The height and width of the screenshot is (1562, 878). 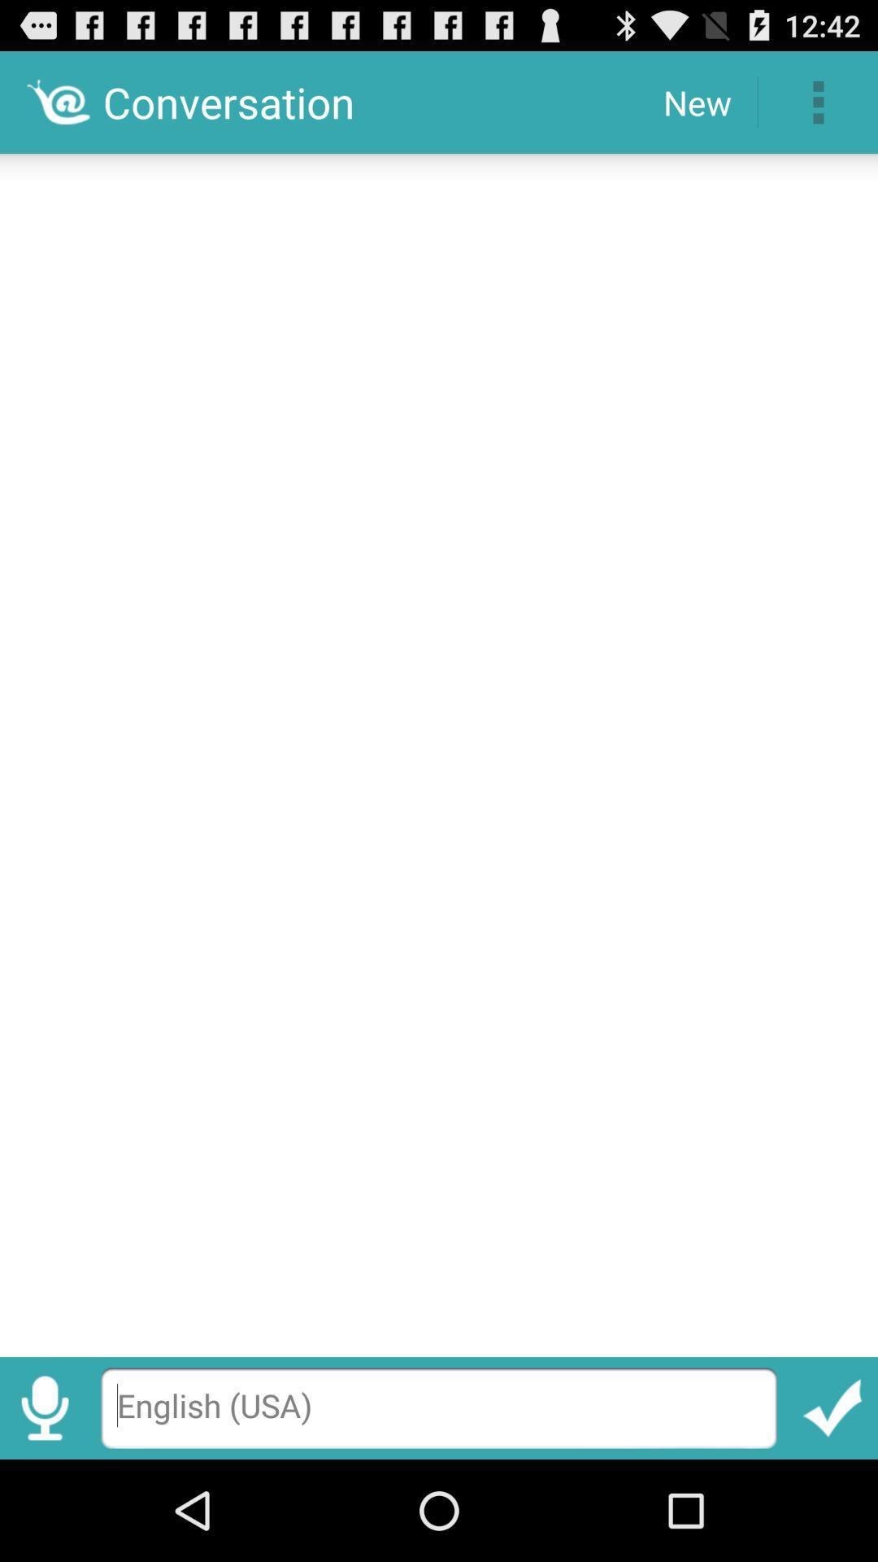 What do you see at coordinates (44, 1407) in the screenshot?
I see `turn on mic` at bounding box center [44, 1407].